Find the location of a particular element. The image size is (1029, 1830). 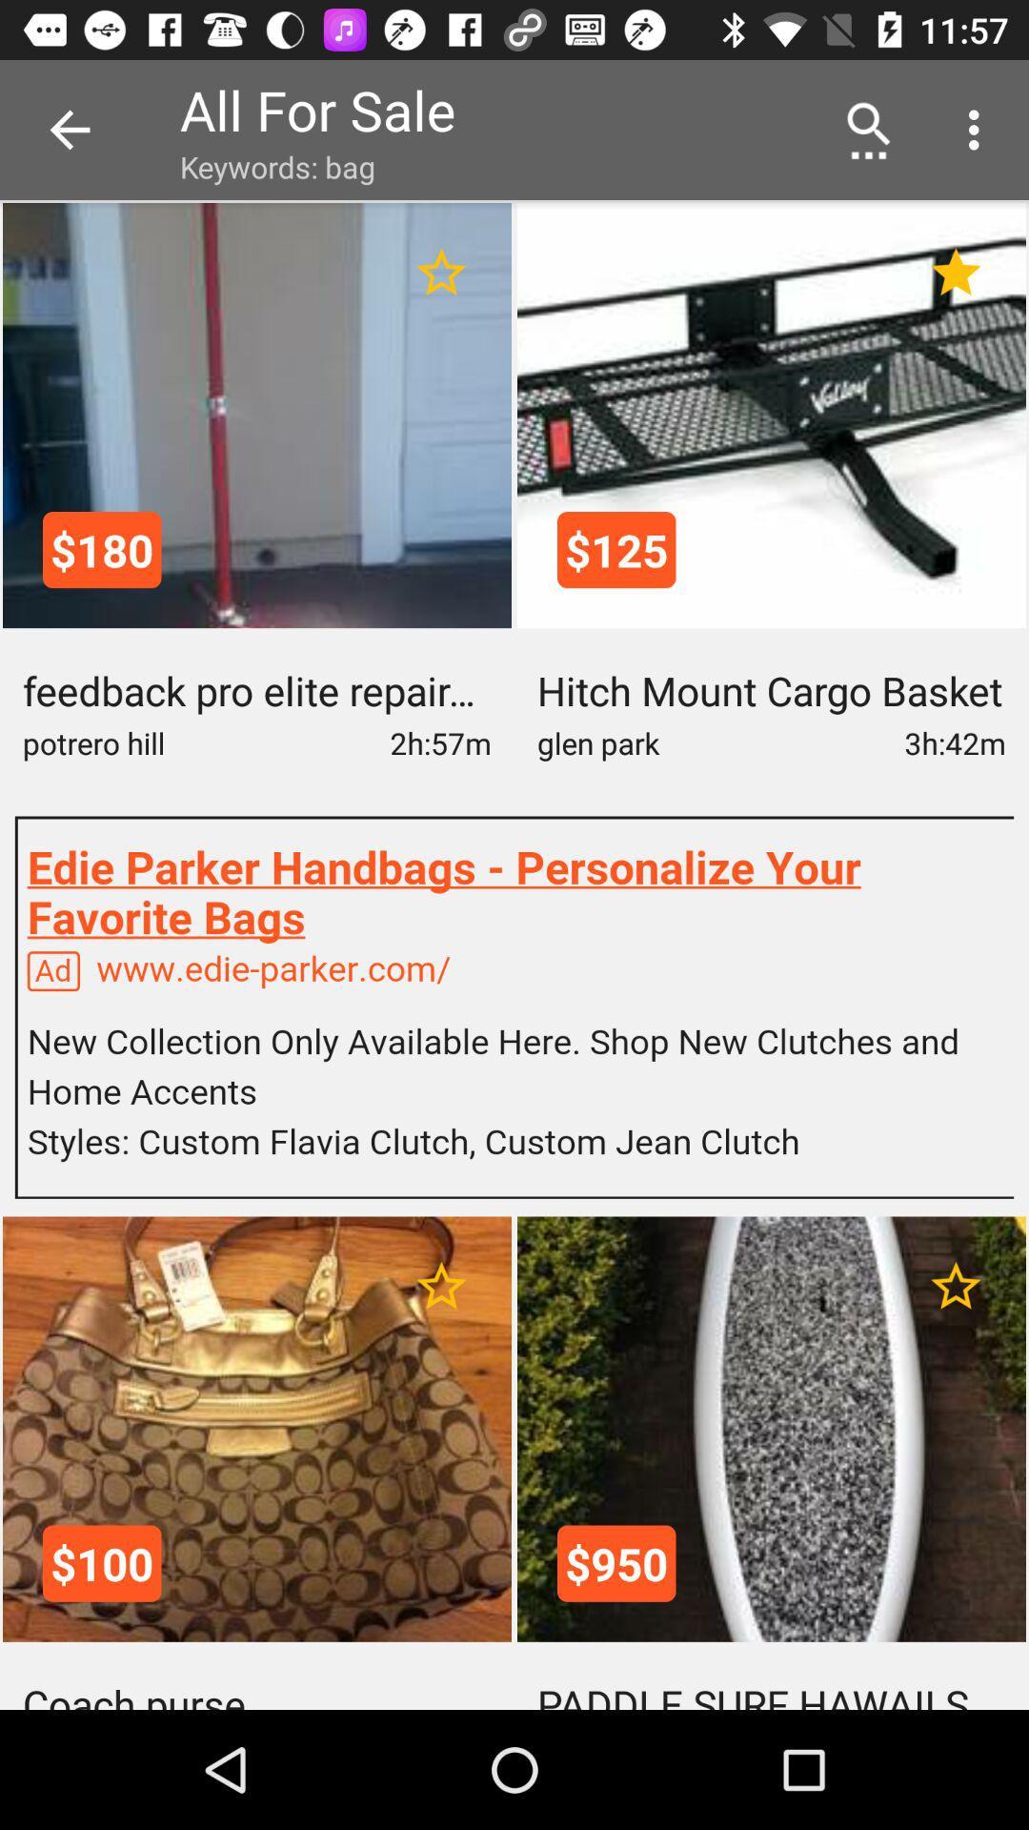

click the star option is located at coordinates (956, 272).